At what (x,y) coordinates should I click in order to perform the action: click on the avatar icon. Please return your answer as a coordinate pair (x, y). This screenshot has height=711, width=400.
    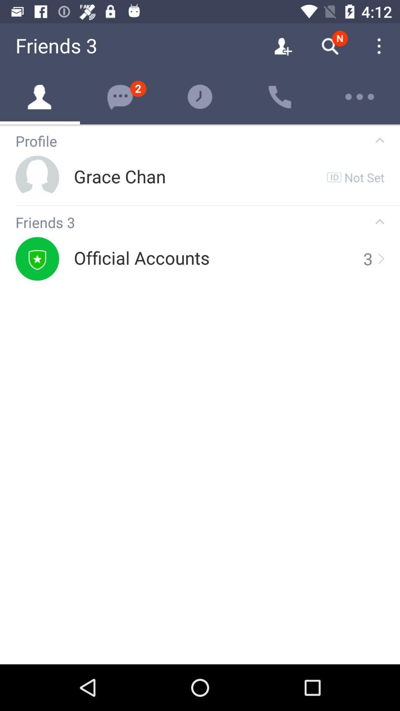
    Looking at the image, I should click on (40, 97).